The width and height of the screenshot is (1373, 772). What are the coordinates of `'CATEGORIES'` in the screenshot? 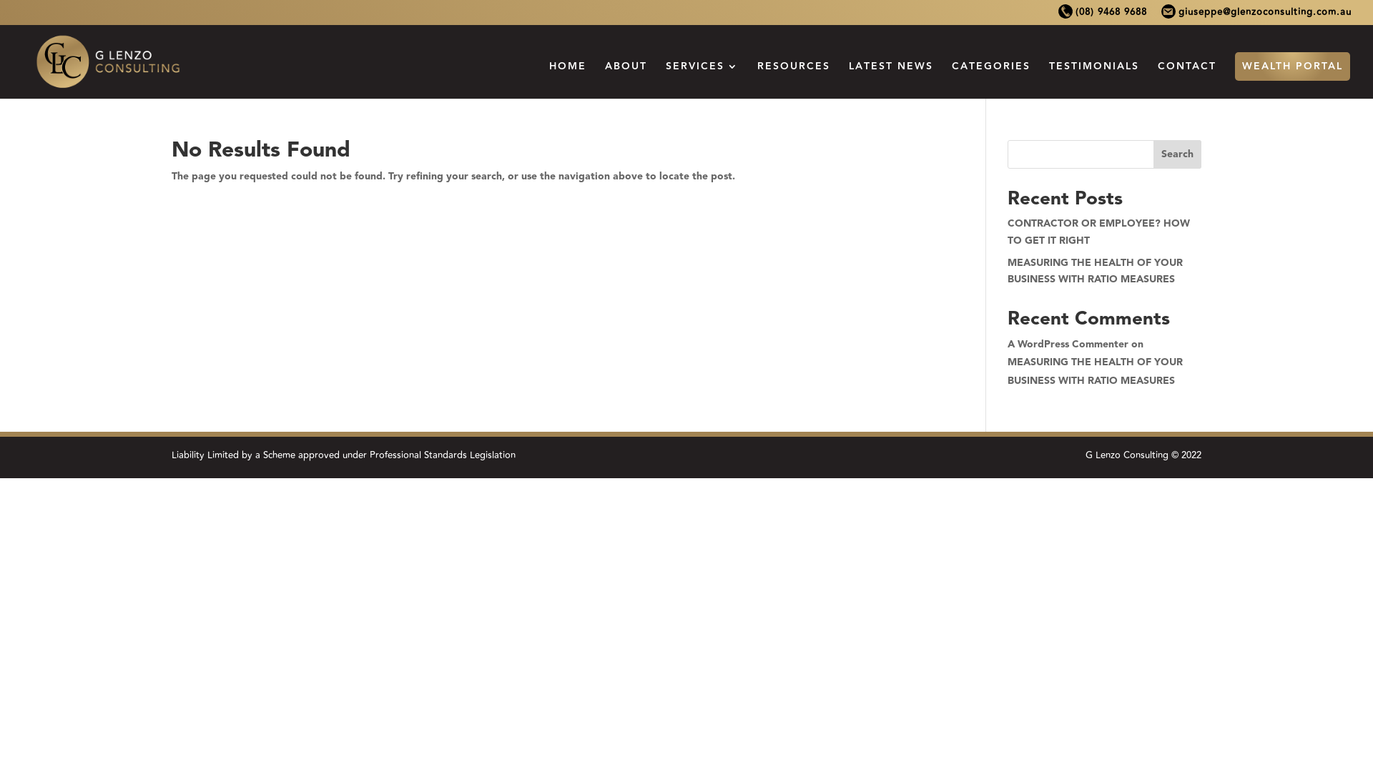 It's located at (990, 79).